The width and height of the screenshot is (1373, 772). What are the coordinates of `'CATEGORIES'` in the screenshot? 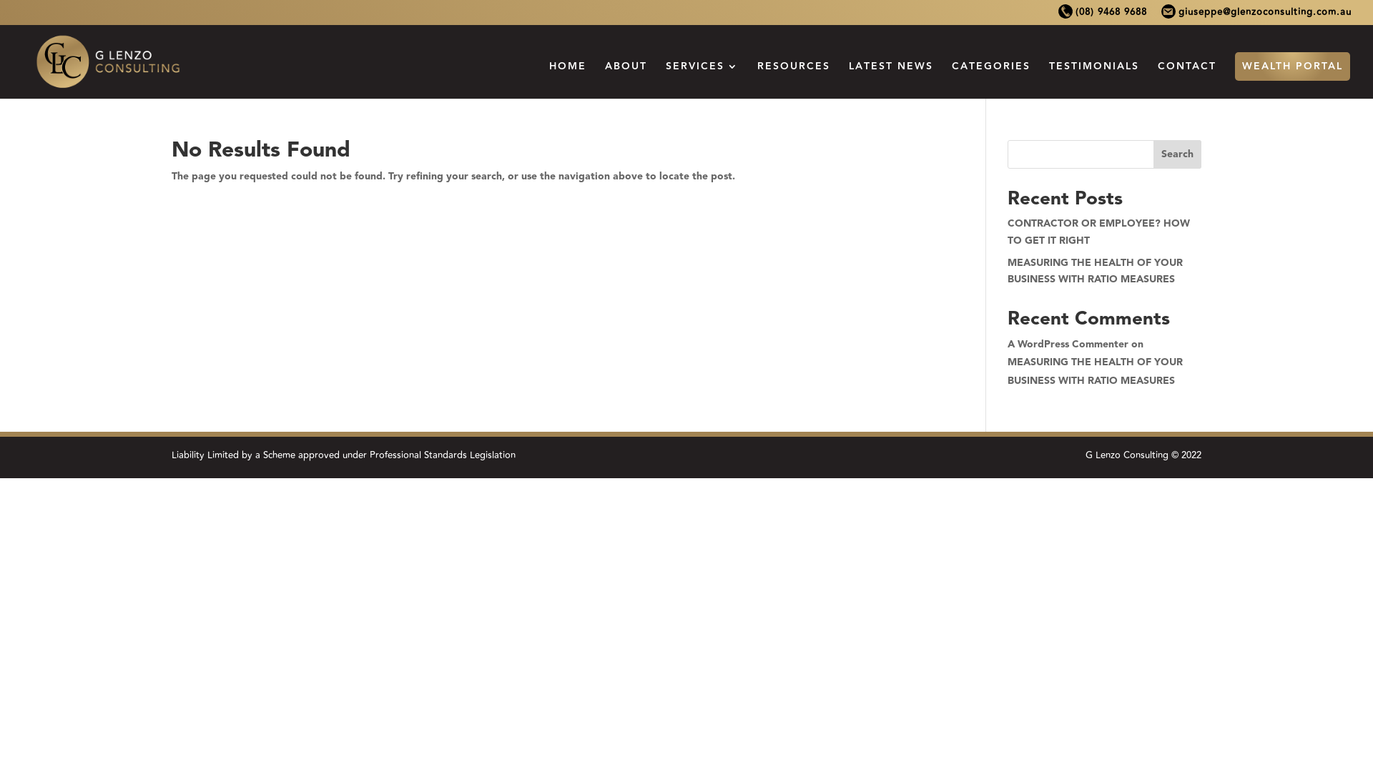 It's located at (990, 79).